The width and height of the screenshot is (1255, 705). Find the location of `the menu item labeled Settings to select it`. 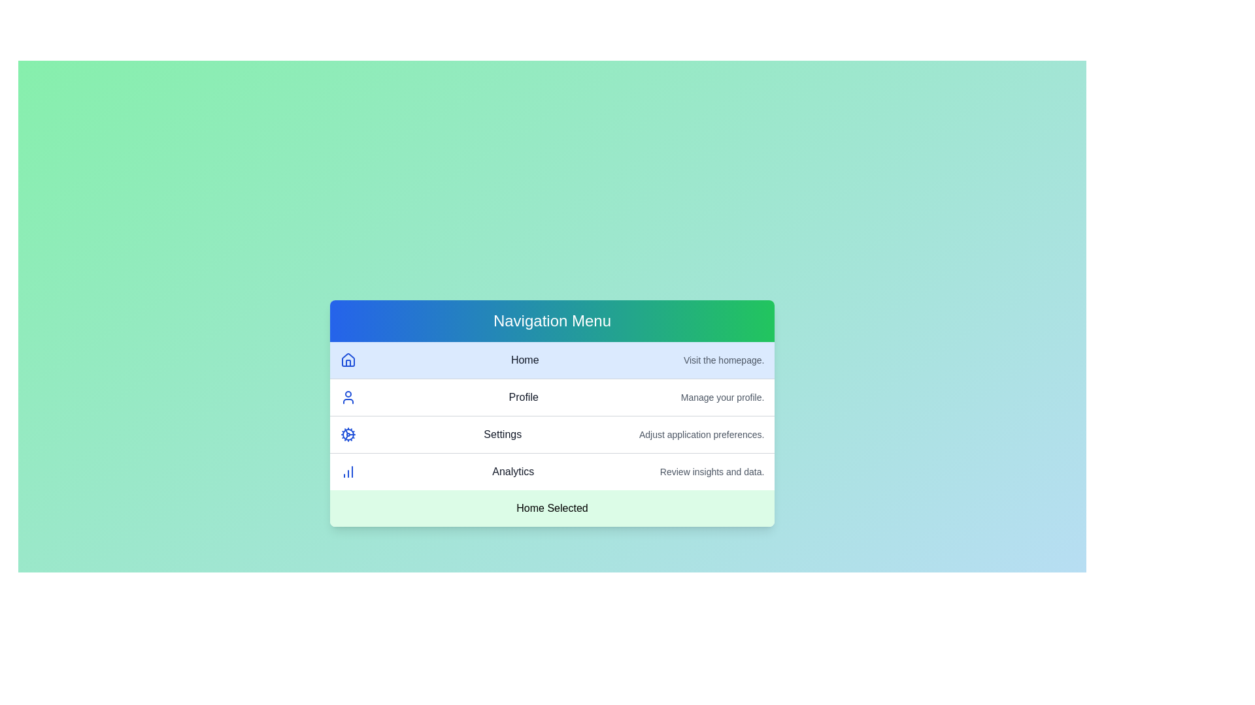

the menu item labeled Settings to select it is located at coordinates (552, 435).